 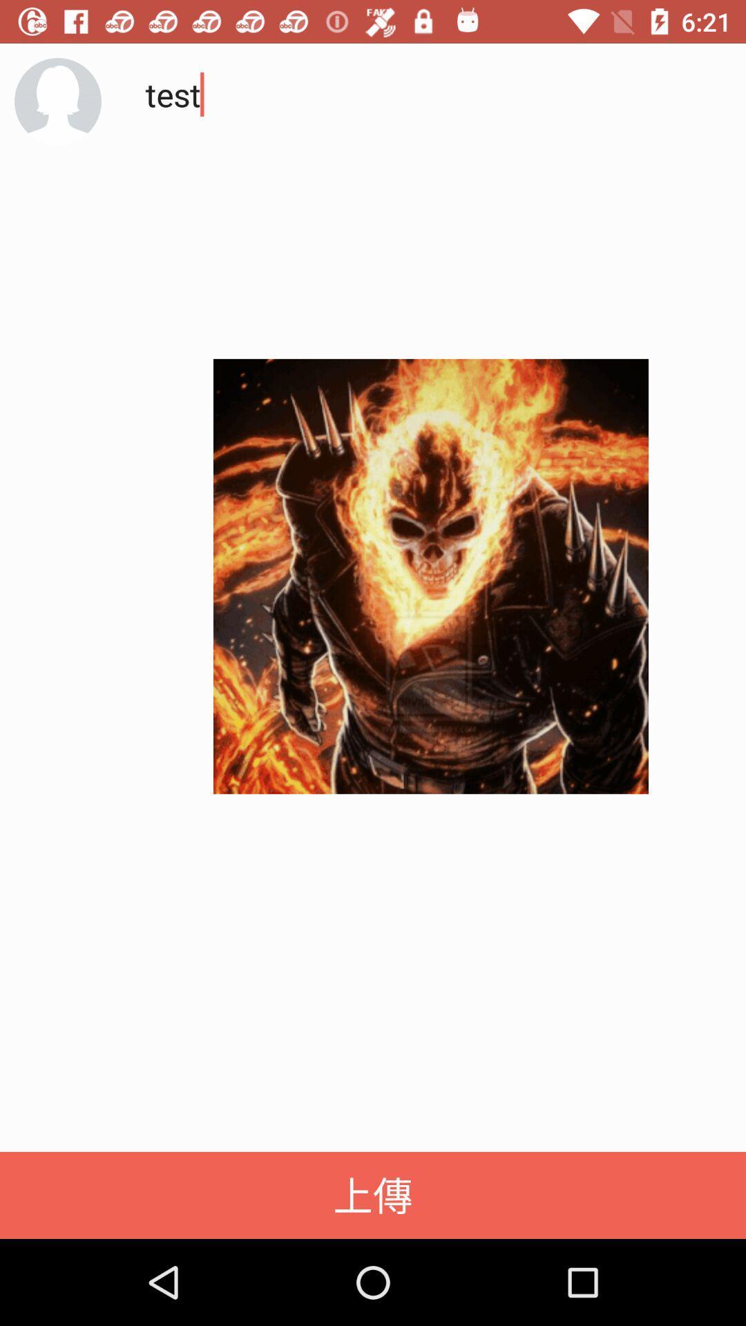 What do you see at coordinates (423, 193) in the screenshot?
I see `the test` at bounding box center [423, 193].